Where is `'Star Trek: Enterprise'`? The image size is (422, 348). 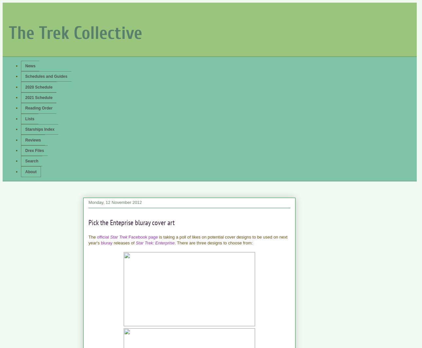 'Star Trek: Enterprise' is located at coordinates (155, 243).